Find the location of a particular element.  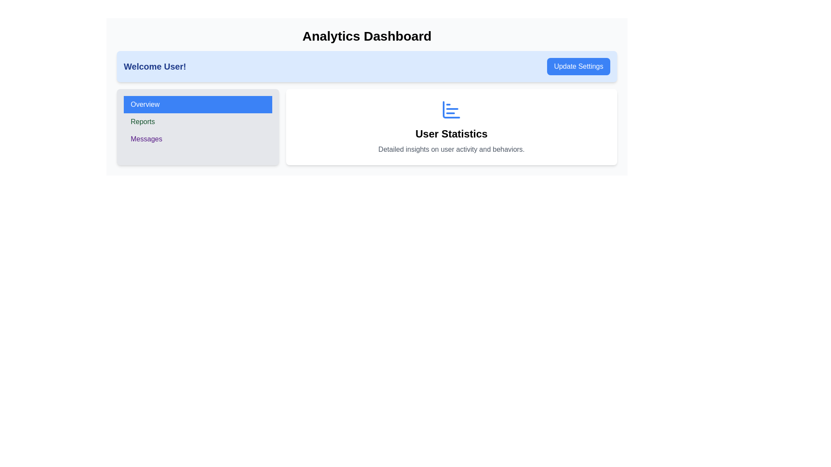

the section title text block located prominently in the center of the right section of the dashboard, which serves to inform the user about the content's general purpose or topic is located at coordinates (451, 134).